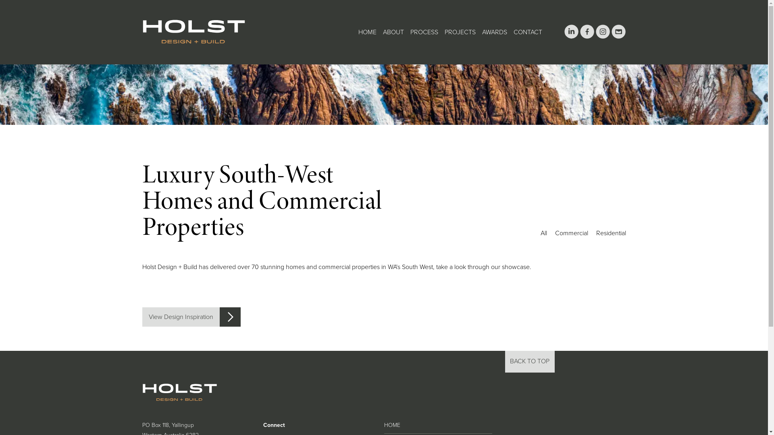 The image size is (774, 435). What do you see at coordinates (460, 31) in the screenshot?
I see `'PROJECTS'` at bounding box center [460, 31].